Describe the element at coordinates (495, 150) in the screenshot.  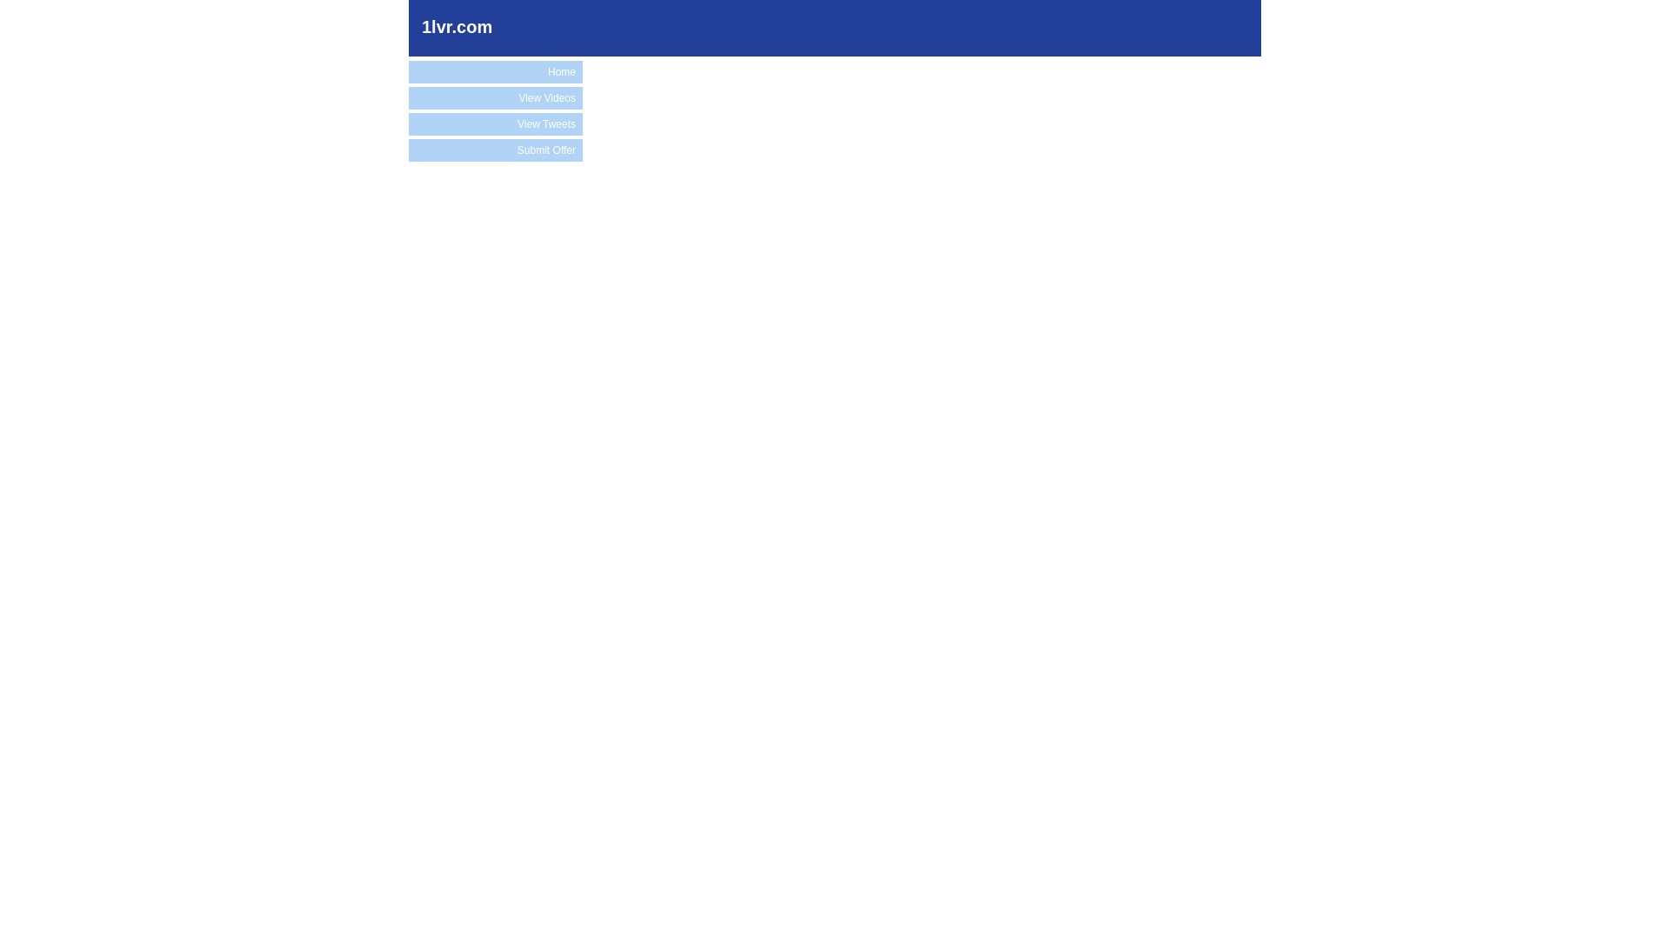
I see `'Submit Offer'` at that location.